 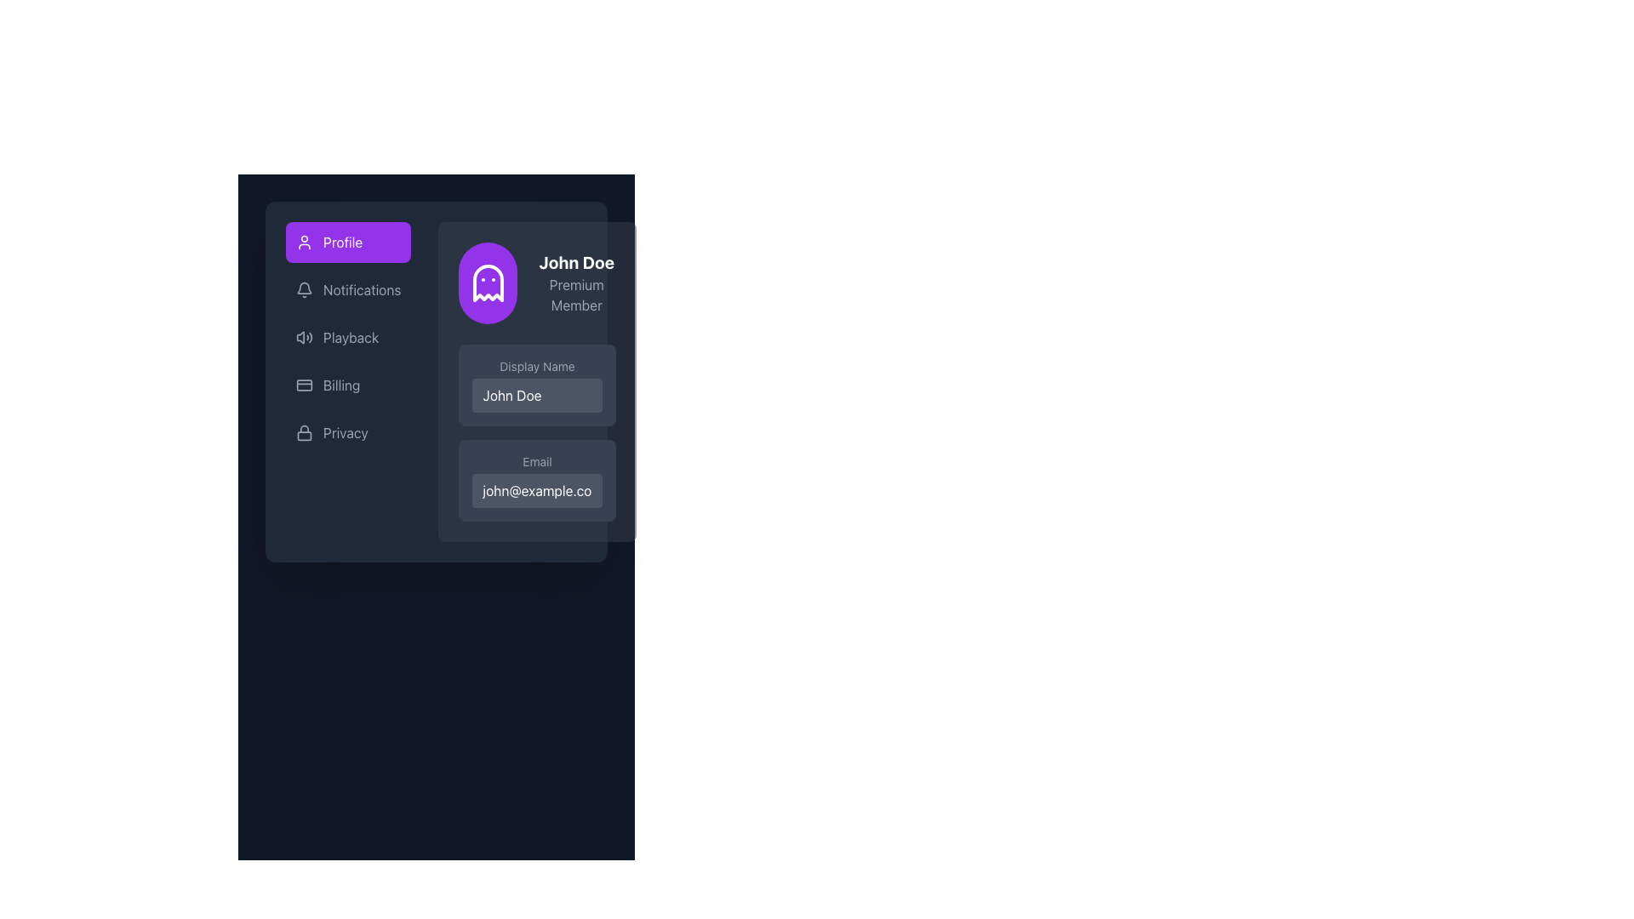 I want to click on the playful ghost SVG icon within the purple circular background, which is located to the left of the text 'John Doe Premium Member' in the profile card section, so click(x=487, y=282).